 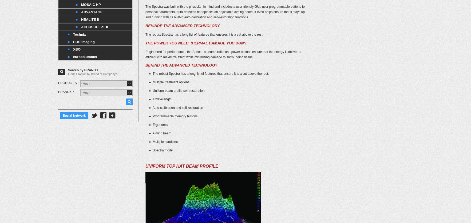 I want to click on '●  Spectra mode', so click(x=159, y=150).